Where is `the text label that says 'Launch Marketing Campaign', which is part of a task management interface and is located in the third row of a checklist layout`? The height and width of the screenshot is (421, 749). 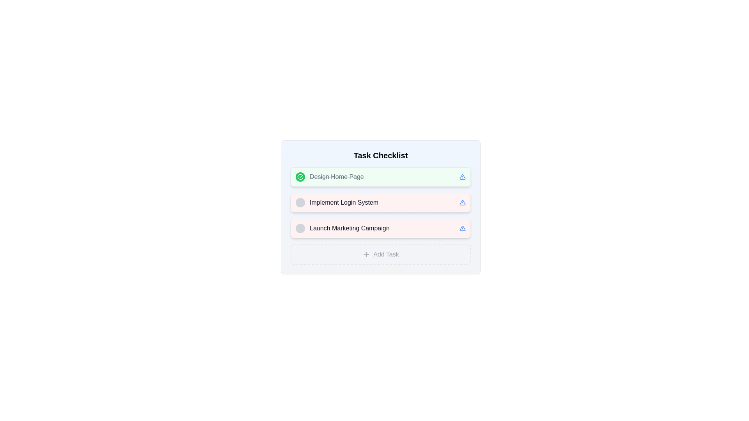
the text label that says 'Launch Marketing Campaign', which is part of a task management interface and is located in the third row of a checklist layout is located at coordinates (349, 228).